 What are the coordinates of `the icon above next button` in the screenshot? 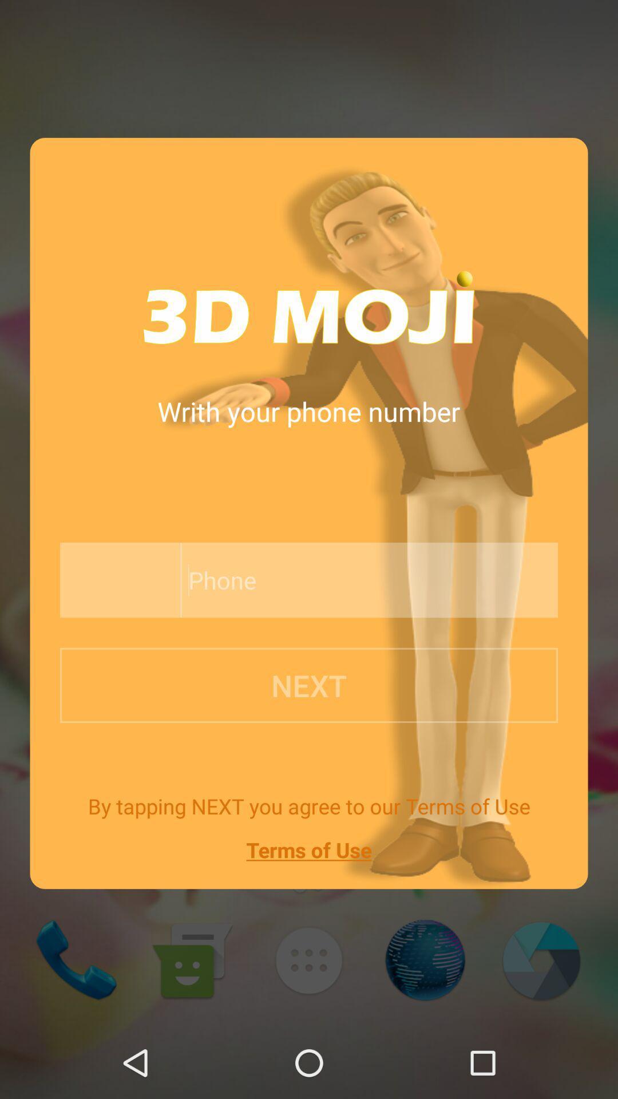 It's located at (117, 580).